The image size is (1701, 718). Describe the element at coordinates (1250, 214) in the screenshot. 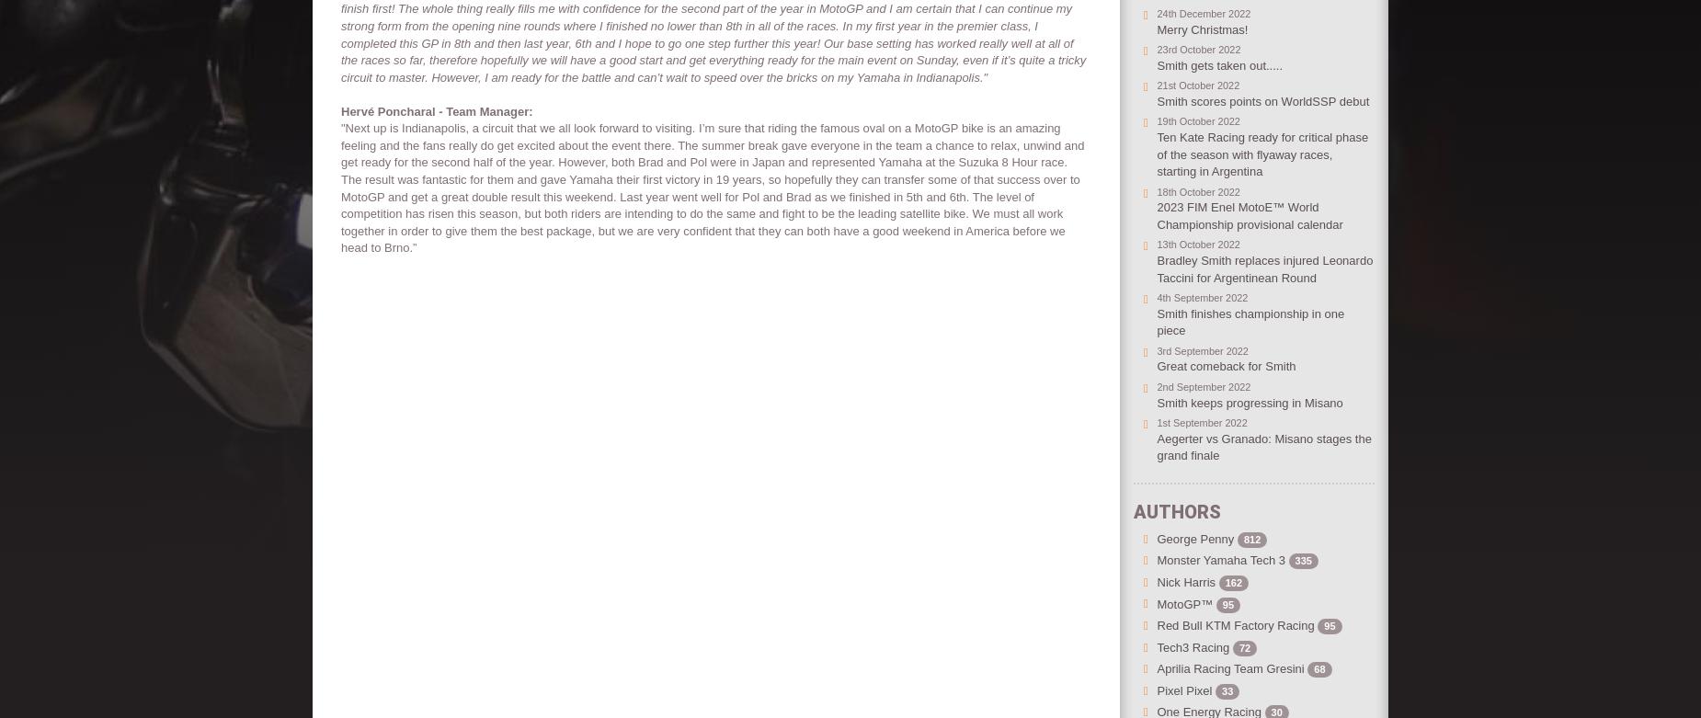

I see `'2023 FIM Enel MotoE™ World Championship provisional calendar'` at that location.